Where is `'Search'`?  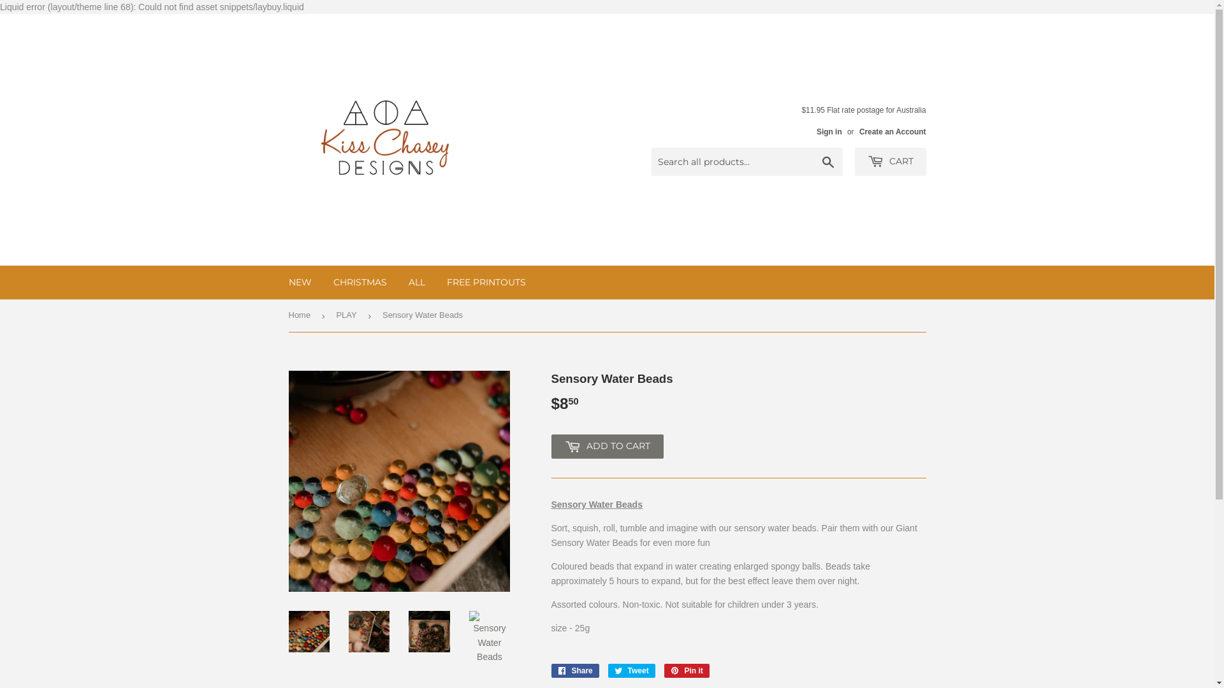 'Search' is located at coordinates (828, 161).